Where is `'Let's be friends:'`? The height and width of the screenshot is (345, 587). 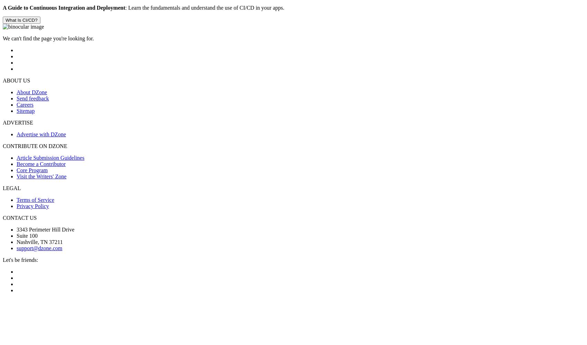 'Let's be friends:' is located at coordinates (20, 260).